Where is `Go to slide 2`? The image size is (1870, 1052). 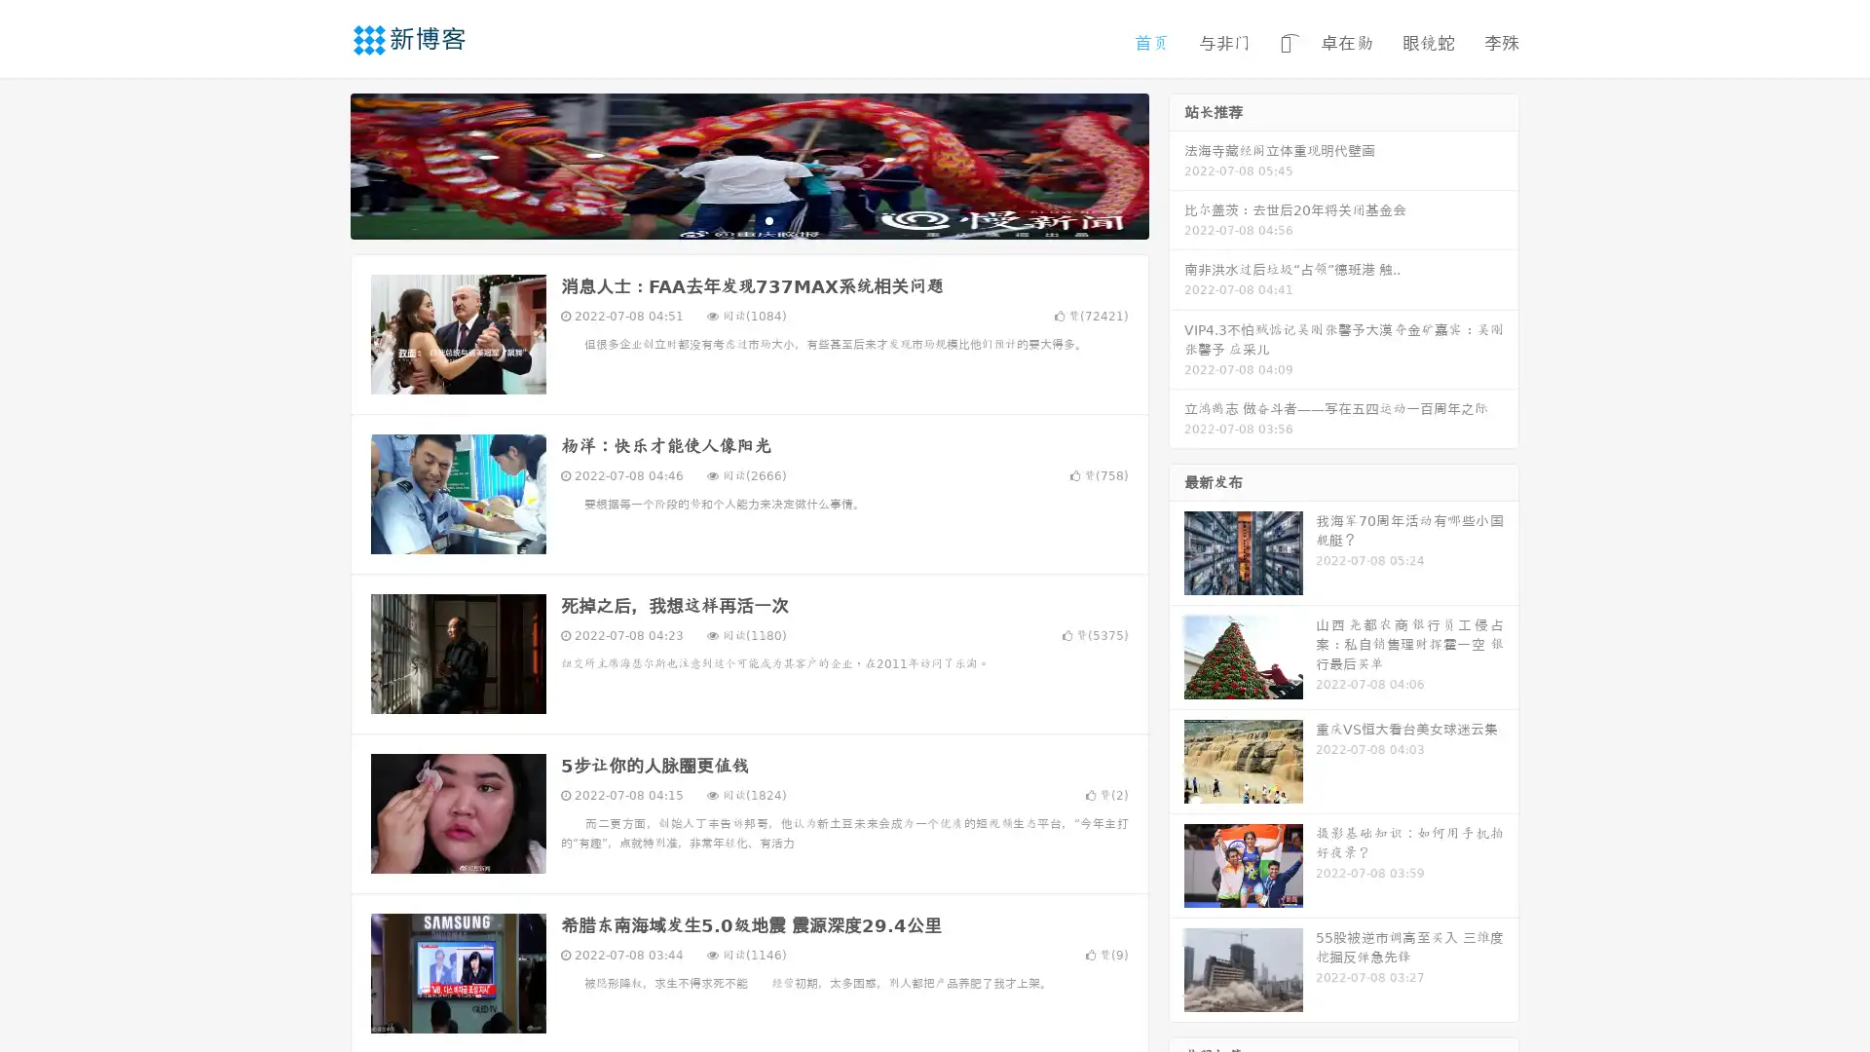
Go to slide 2 is located at coordinates (748, 219).